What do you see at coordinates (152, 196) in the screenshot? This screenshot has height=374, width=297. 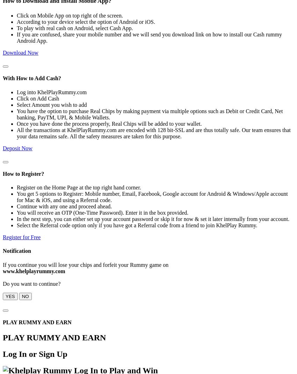 I see `'You get 5 options to Register: Mobile number, Email, Facebook, Google account for Android & Windows/Apple account for Mac & iOS, and using a Referral code.'` at bounding box center [152, 196].